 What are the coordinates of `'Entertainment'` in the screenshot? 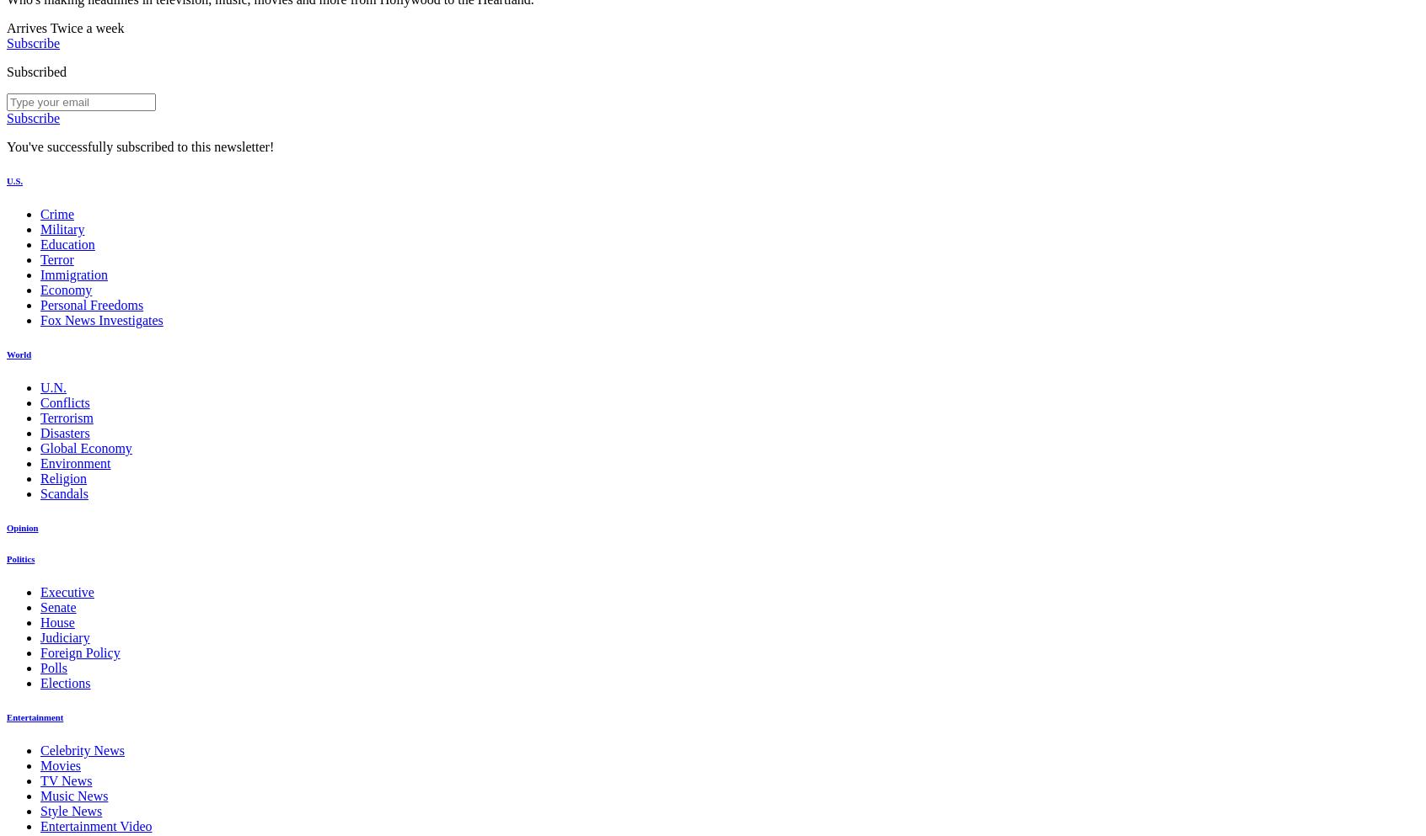 It's located at (5, 716).